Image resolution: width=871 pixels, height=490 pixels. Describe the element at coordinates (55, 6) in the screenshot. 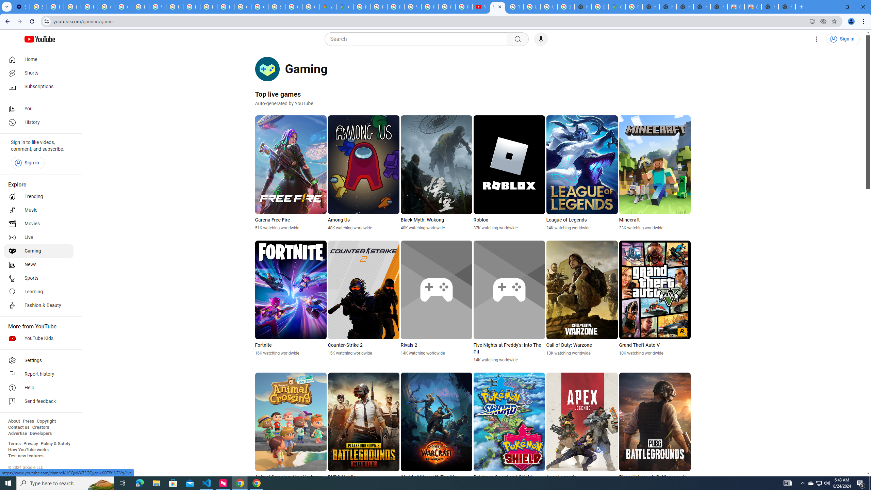

I see `'Delete photos & videos - Computer - Google Photos Help'` at that location.